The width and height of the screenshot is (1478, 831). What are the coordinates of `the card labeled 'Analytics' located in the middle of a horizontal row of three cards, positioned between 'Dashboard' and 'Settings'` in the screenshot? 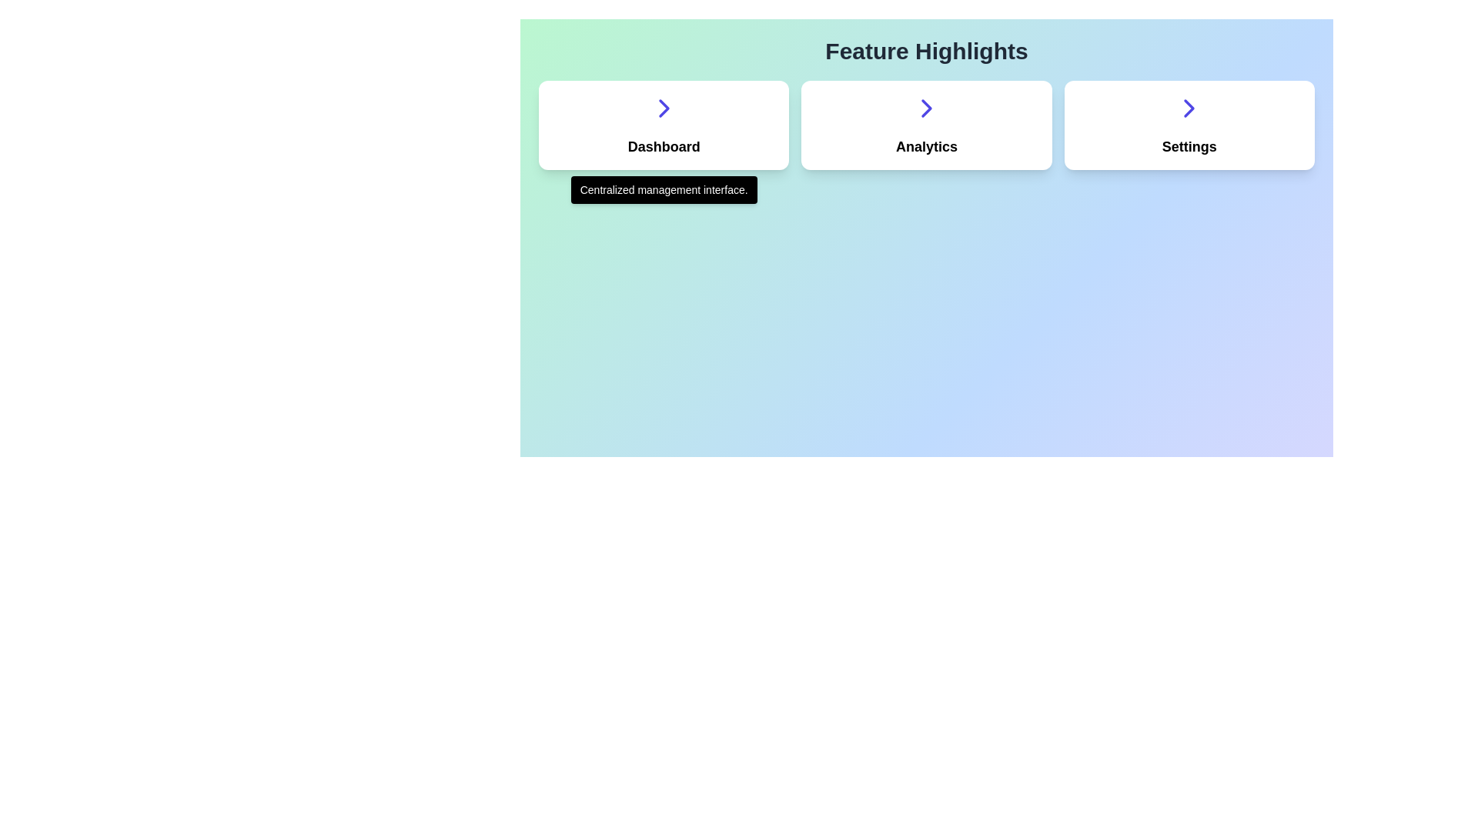 It's located at (926, 124).